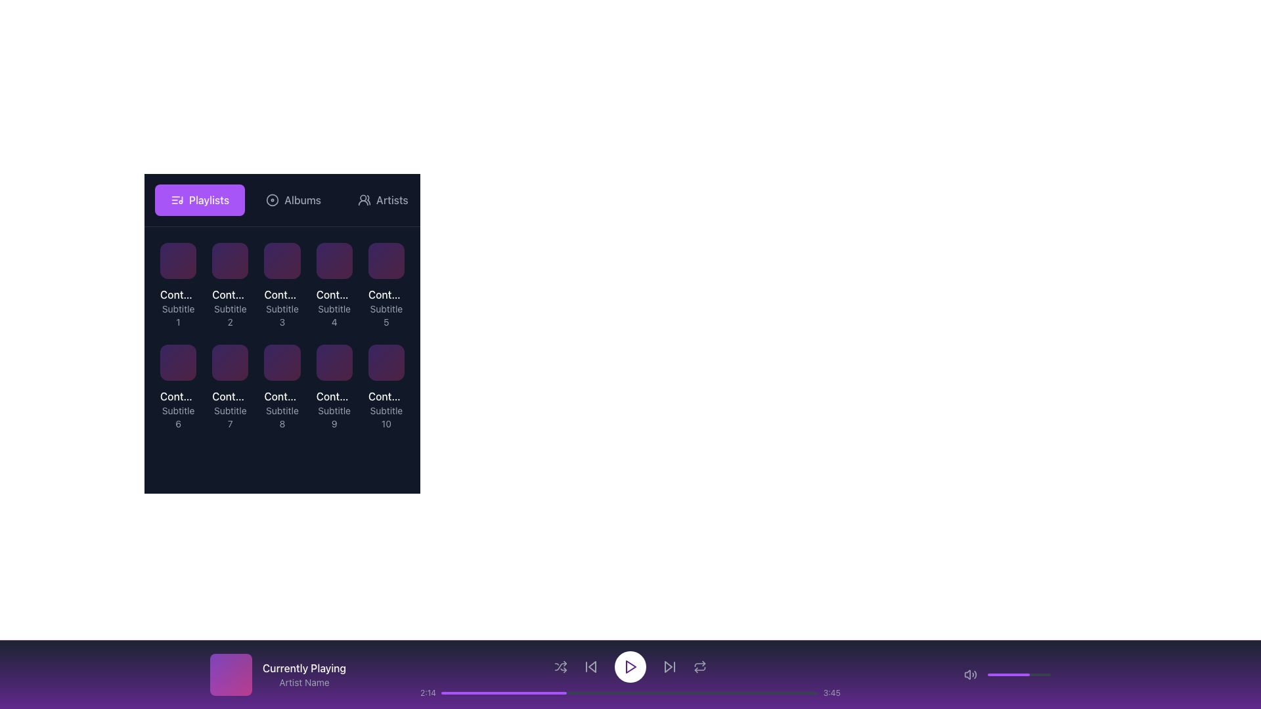 Image resolution: width=1261 pixels, height=709 pixels. I want to click on the third clickable item in the grid which features a purple to pink gradient thumbnail with 'Content Title 3' in bold white font and 'Subtitle 3' in smaller gray font, so click(282, 285).